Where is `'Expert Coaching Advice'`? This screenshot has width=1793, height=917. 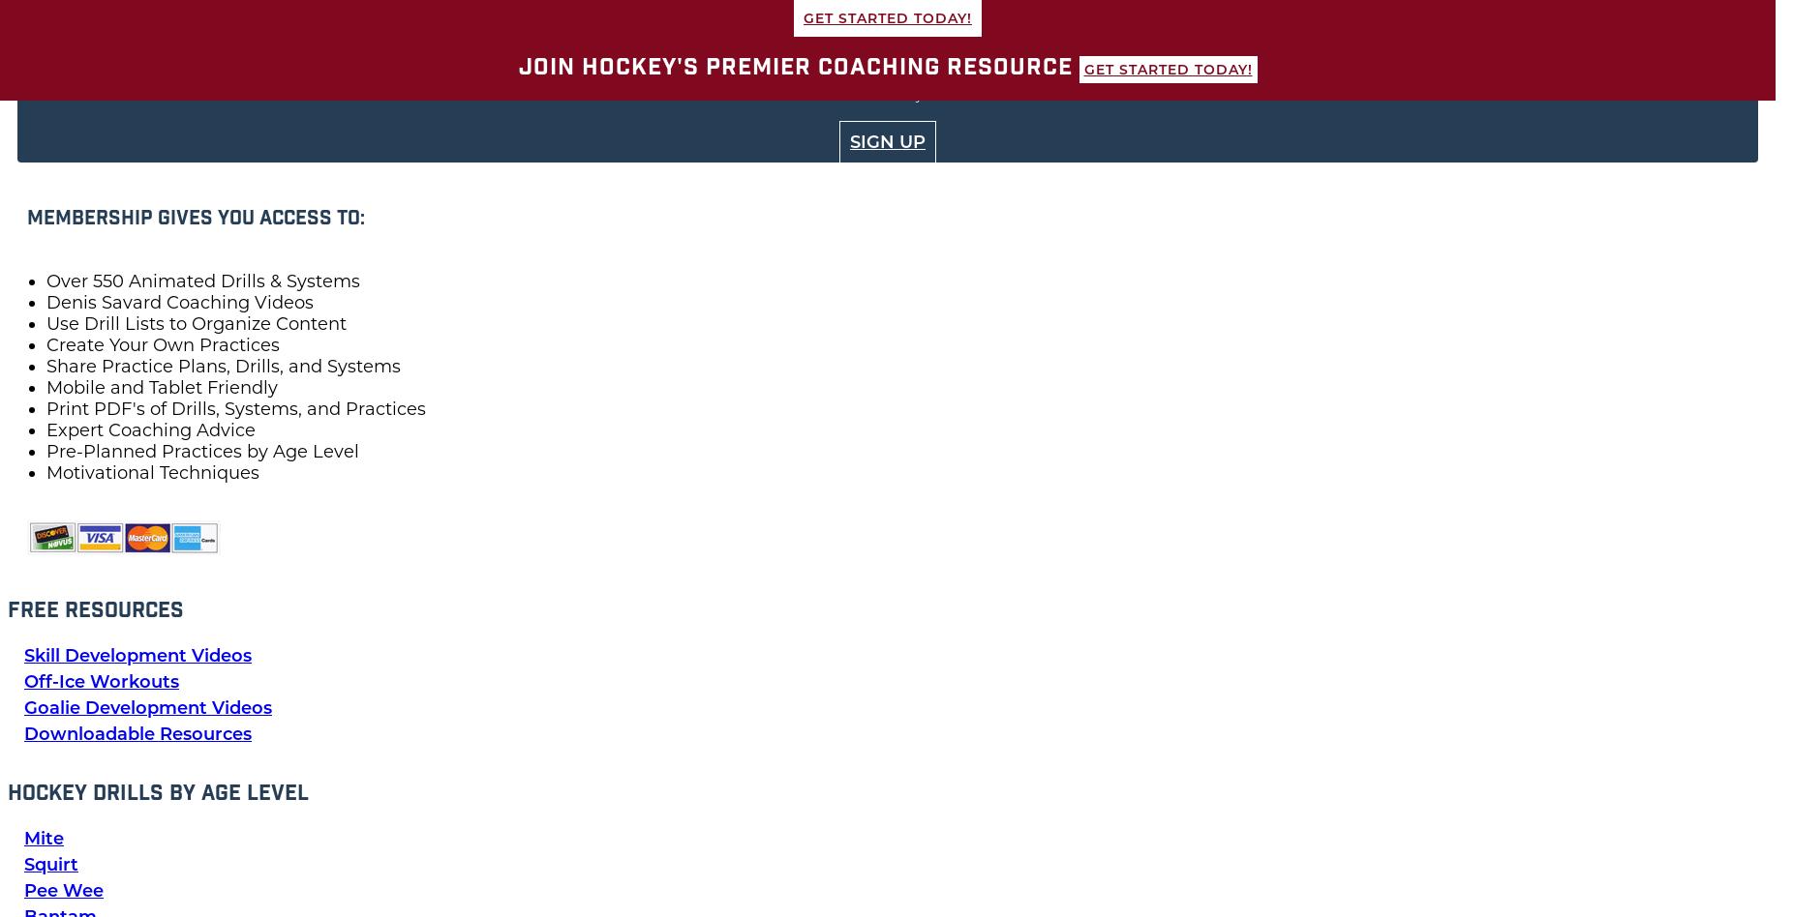 'Expert Coaching Advice' is located at coordinates (149, 429).